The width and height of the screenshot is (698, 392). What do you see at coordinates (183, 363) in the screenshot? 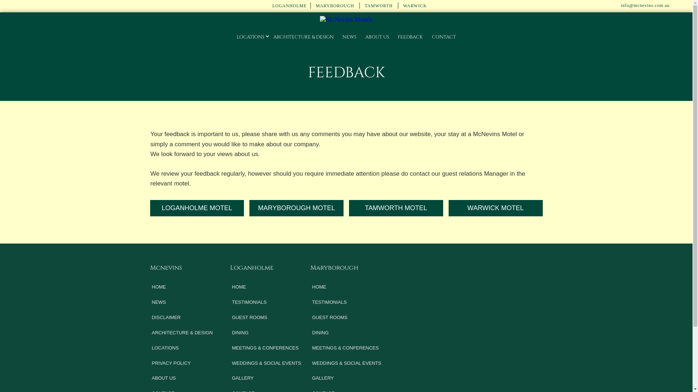
I see `'PRIVACY POLICY'` at bounding box center [183, 363].